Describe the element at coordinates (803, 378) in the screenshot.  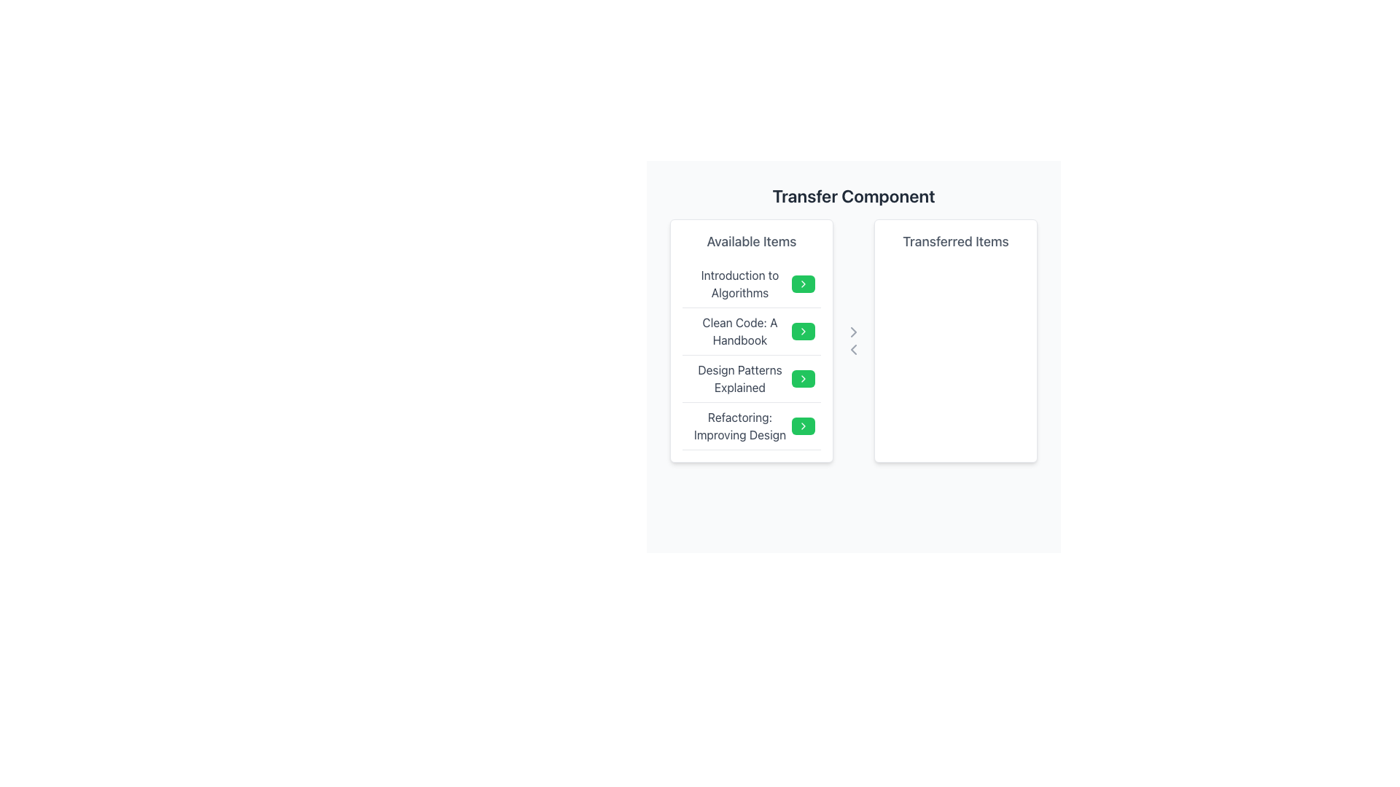
I see `the icon located to the right of the 'Design Patterns Explained' button in the 'Available Items' panel` at that location.